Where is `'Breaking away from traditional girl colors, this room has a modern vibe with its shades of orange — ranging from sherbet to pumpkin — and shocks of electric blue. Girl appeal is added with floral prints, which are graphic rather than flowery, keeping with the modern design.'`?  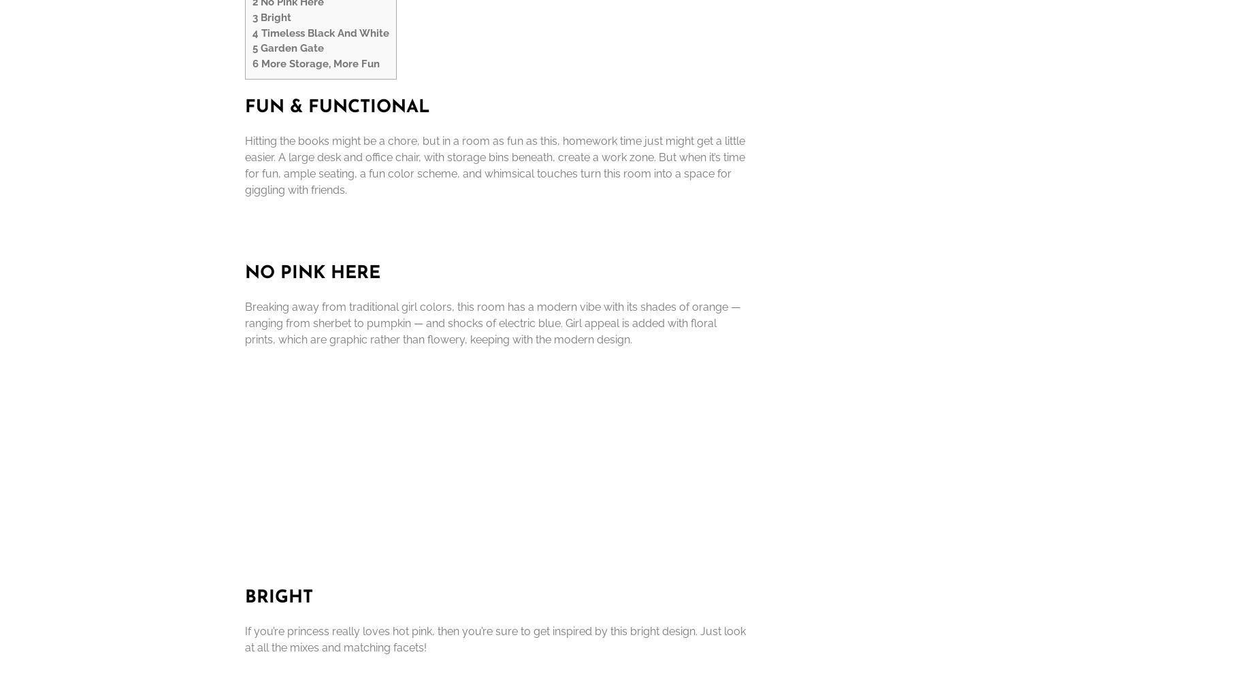
'Breaking away from traditional girl colors, this room has a modern vibe with its shades of orange — ranging from sherbet to pumpkin — and shocks of electric blue. Girl appeal is added with floral prints, which are graphic rather than flowery, keeping with the modern design.' is located at coordinates (493, 322).